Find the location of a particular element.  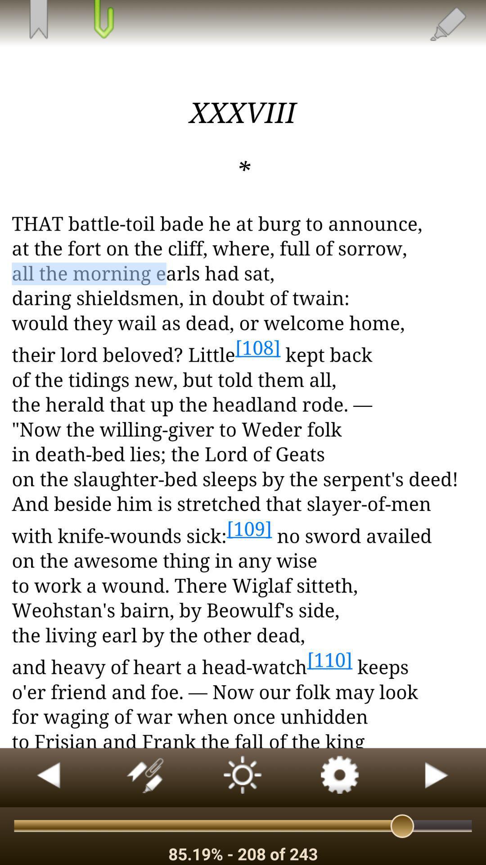

highlighter is located at coordinates (447, 23).